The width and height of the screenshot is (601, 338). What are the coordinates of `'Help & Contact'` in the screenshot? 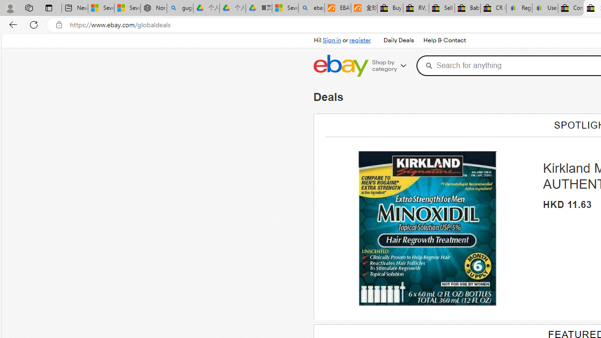 It's located at (443, 40).